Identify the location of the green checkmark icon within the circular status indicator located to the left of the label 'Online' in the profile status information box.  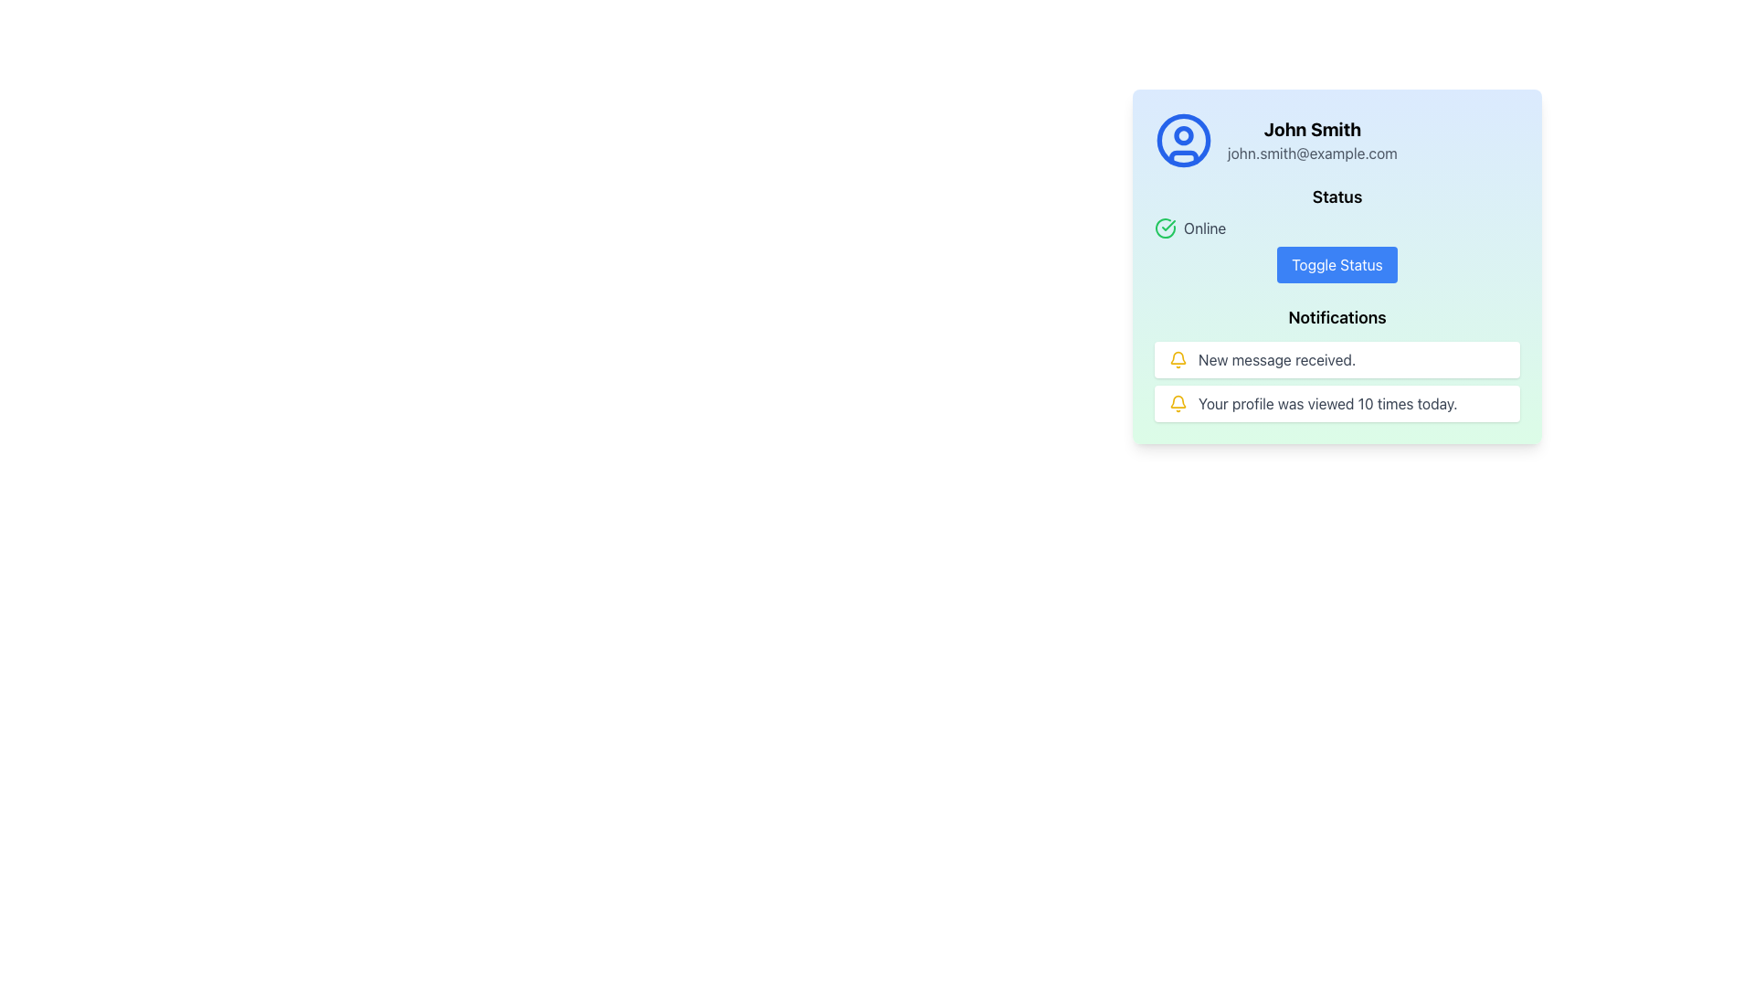
(1168, 224).